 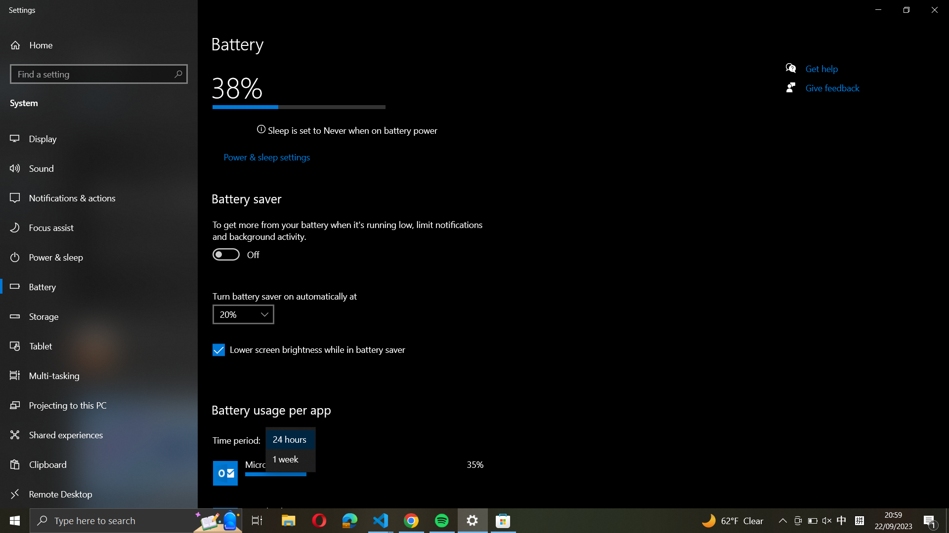 I want to click on Enable notification limits and curtail background operations when battery saver mode is engaged, so click(x=225, y=254).